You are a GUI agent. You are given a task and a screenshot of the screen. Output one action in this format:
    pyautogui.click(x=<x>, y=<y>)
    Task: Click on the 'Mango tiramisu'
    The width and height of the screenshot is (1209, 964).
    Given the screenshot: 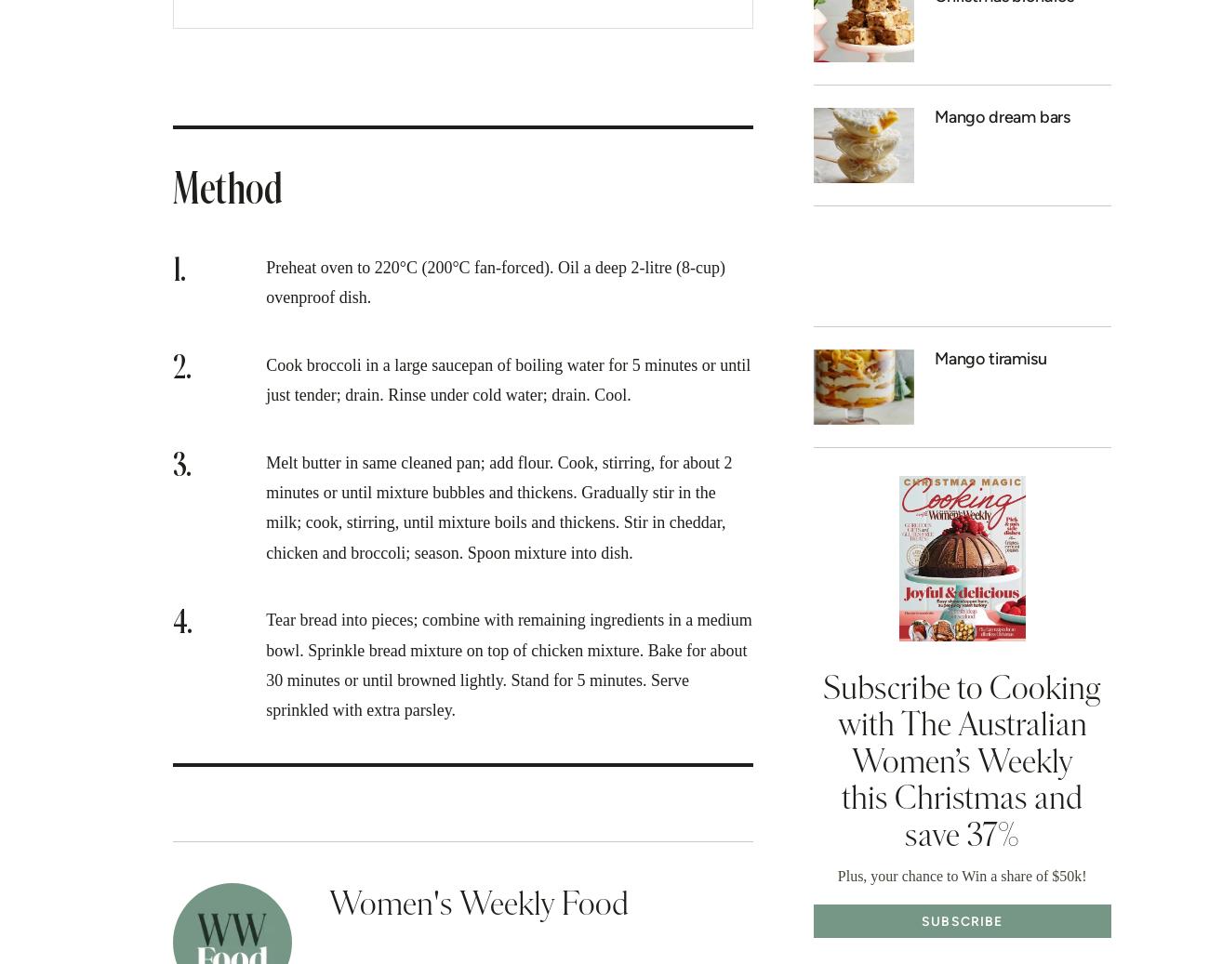 What is the action you would take?
    pyautogui.click(x=990, y=357)
    